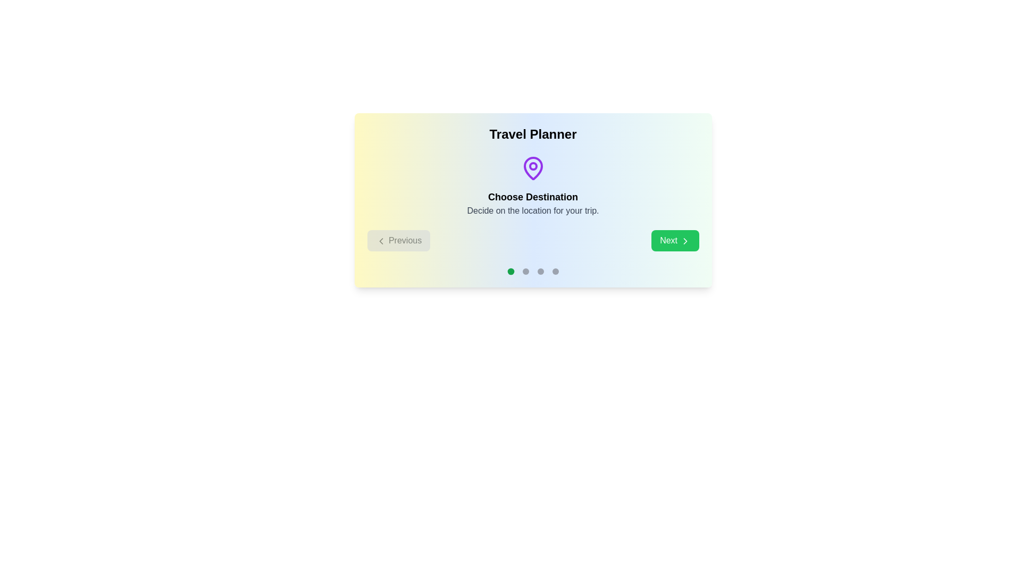 The width and height of the screenshot is (1021, 574). Describe the element at coordinates (533, 167) in the screenshot. I see `the map pin icon with a purple outline, which is centered within the main display area and located above the 'Choose Destination' text` at that location.